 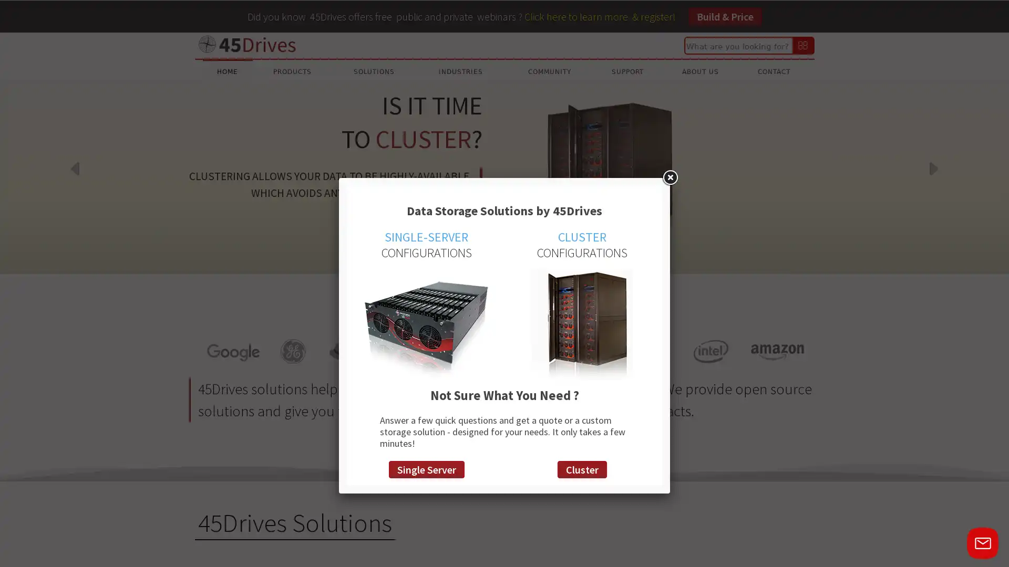 I want to click on 45Drives Solutions, so click(x=294, y=523).